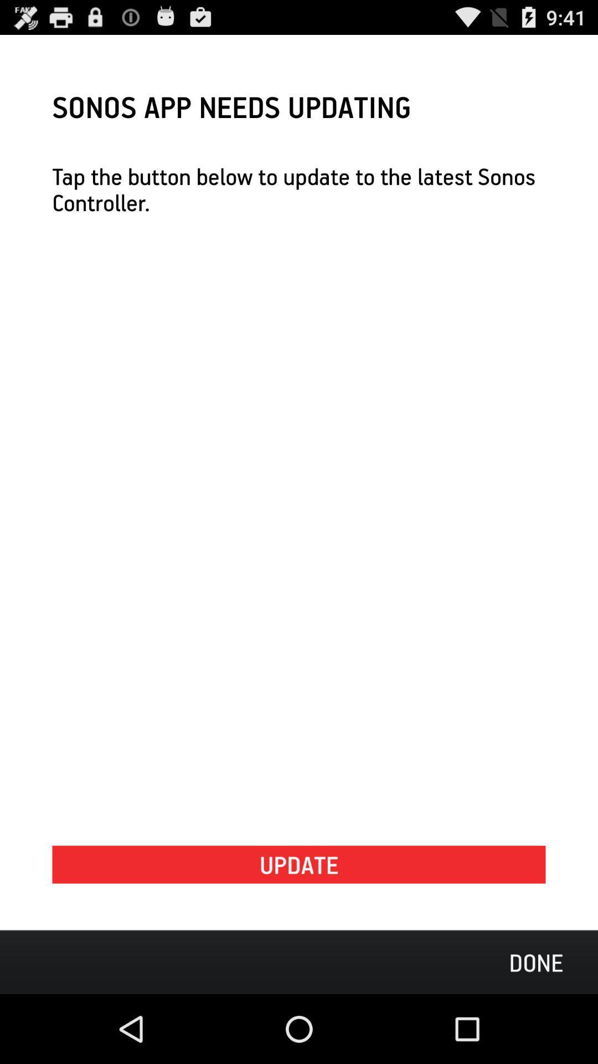  I want to click on done at the bottom right corner, so click(535, 961).